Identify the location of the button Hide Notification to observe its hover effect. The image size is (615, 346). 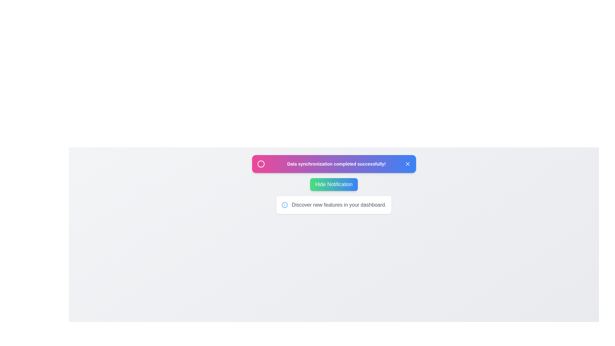
(333, 184).